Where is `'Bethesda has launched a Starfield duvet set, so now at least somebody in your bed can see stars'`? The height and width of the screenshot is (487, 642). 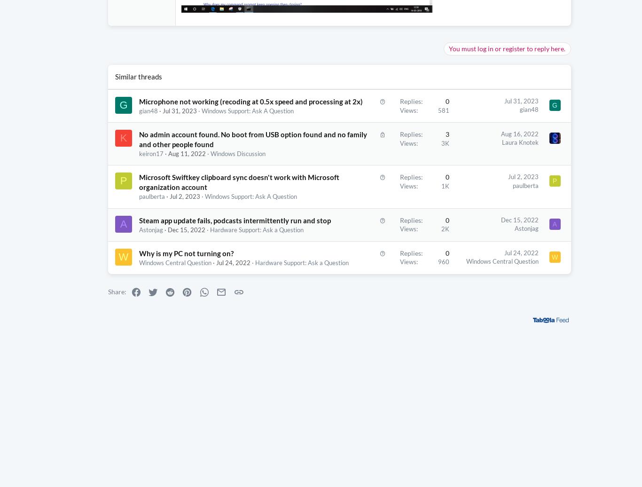 'Bethesda has launched a Starfield duvet set, so now at least somebody in your bed can see stars' is located at coordinates (568, 355).